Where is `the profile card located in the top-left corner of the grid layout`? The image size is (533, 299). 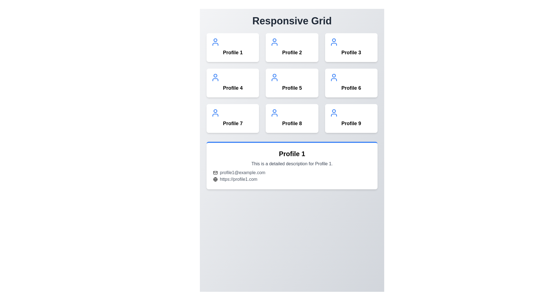
the profile card located in the top-left corner of the grid layout is located at coordinates (233, 47).